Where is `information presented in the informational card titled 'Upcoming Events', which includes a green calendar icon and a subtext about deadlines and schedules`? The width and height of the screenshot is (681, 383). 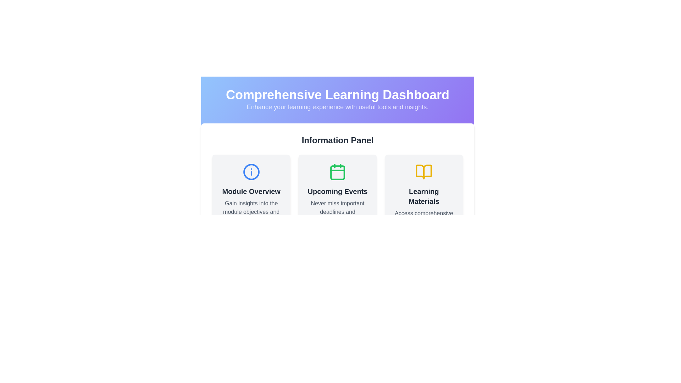 information presented in the informational card titled 'Upcoming Events', which includes a green calendar icon and a subtext about deadlines and schedules is located at coordinates (337, 199).